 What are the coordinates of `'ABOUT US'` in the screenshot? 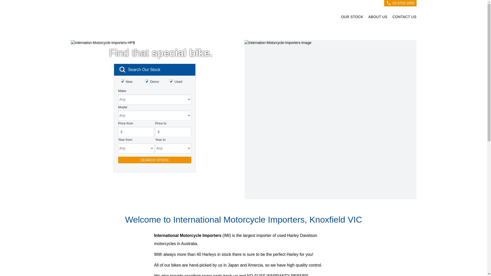 It's located at (378, 17).